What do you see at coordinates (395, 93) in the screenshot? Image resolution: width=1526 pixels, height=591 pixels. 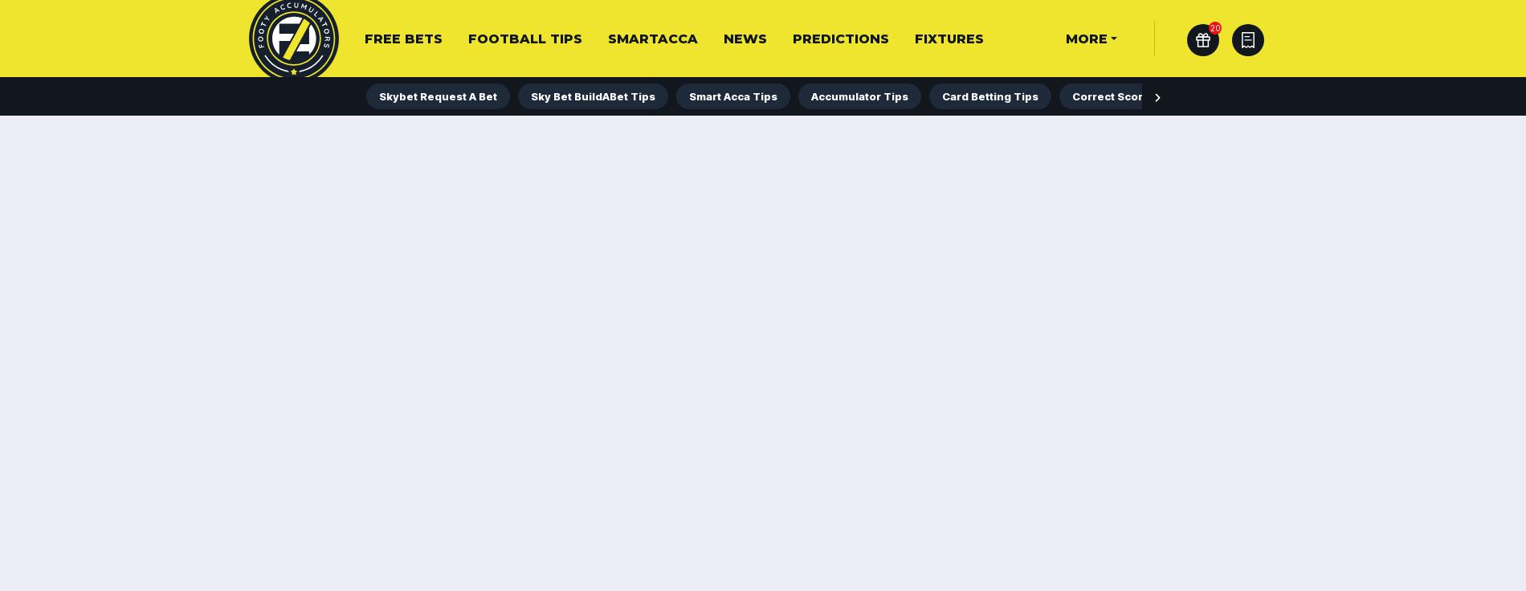 I see `'How To'` at bounding box center [395, 93].